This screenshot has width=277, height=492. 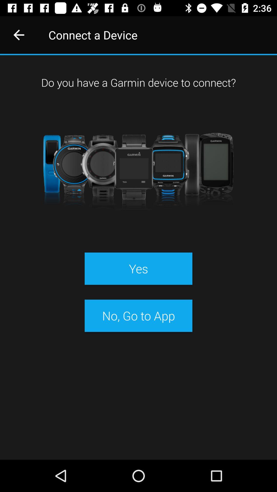 I want to click on item below yes, so click(x=138, y=315).